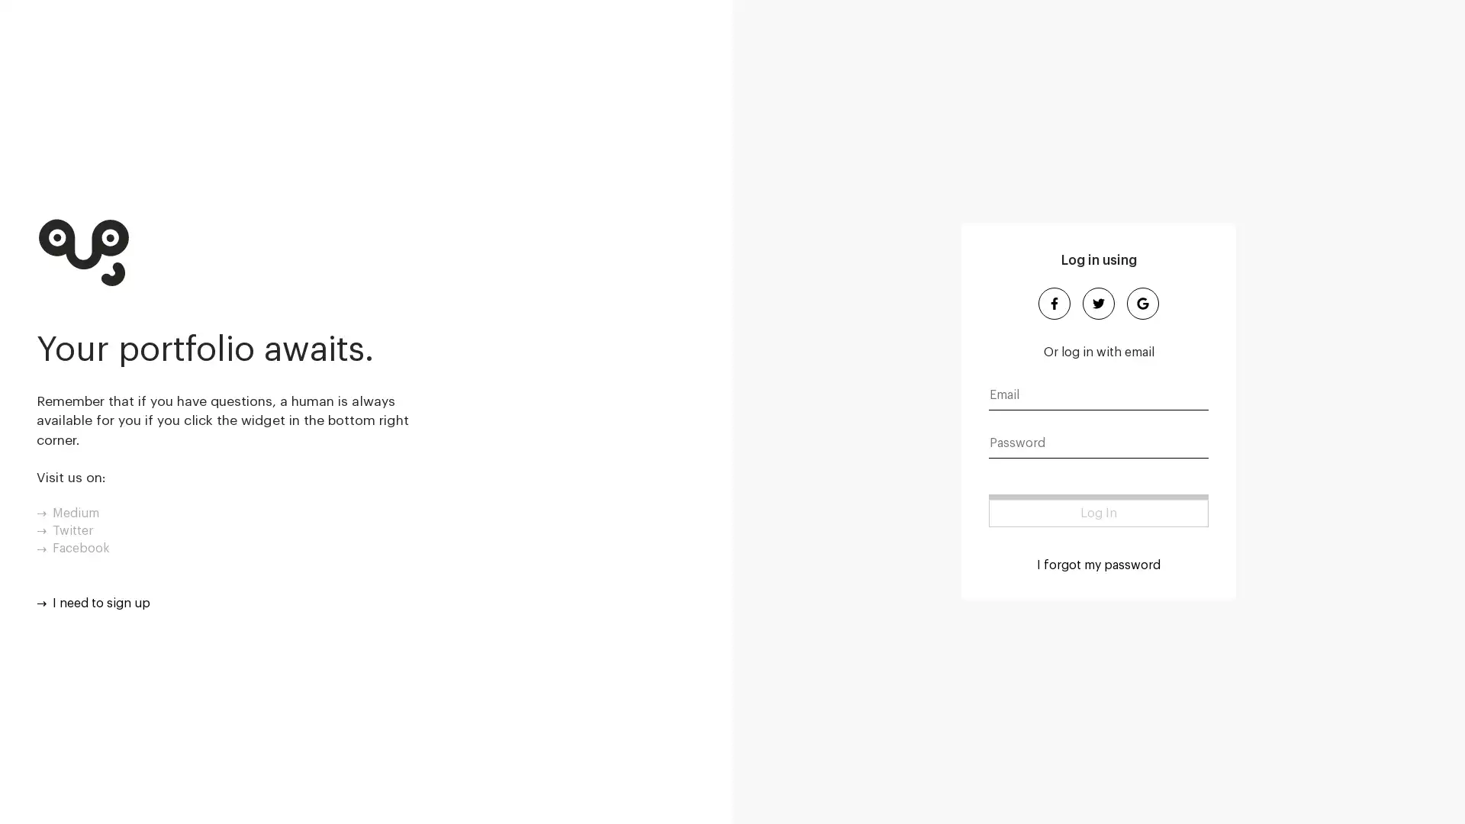 This screenshot has width=1465, height=824. Describe the element at coordinates (92, 602) in the screenshot. I see `I need to sign up` at that location.